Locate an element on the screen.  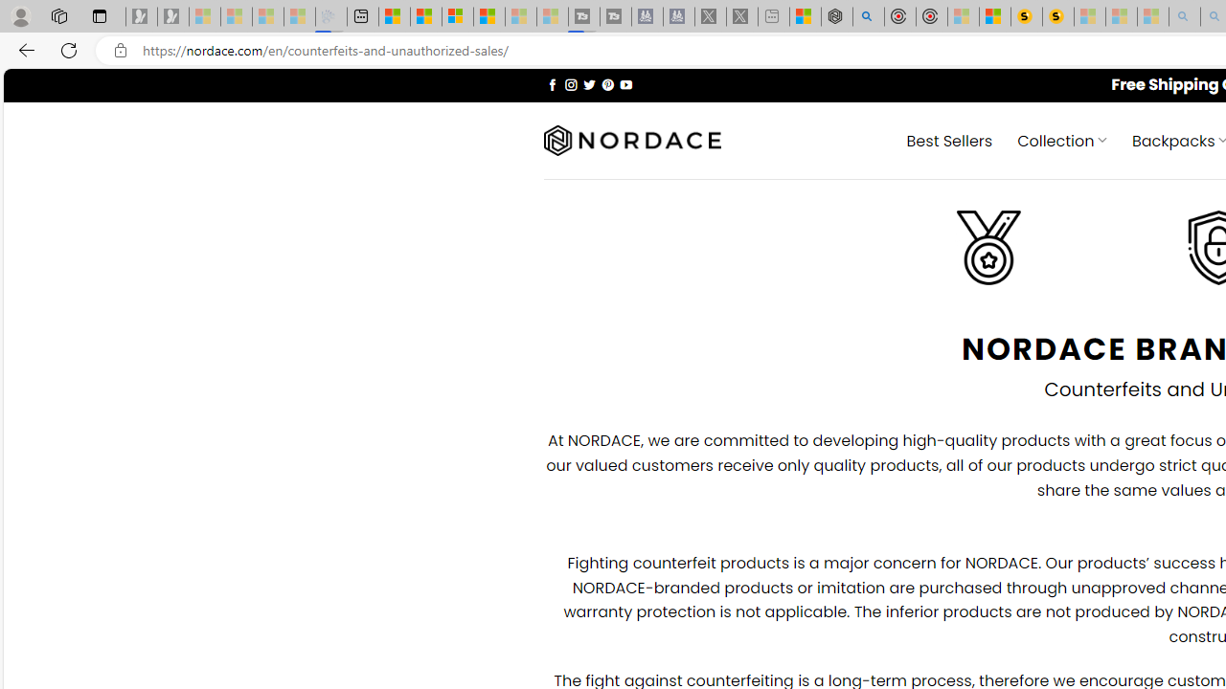
'Follow on Pinterest' is located at coordinates (606, 83).